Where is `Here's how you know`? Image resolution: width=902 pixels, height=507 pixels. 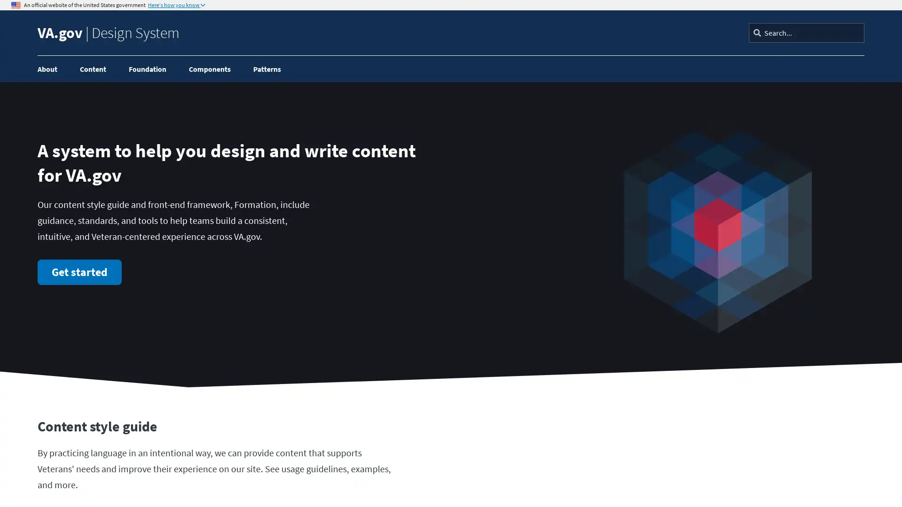
Here's how you know is located at coordinates (176, 5).